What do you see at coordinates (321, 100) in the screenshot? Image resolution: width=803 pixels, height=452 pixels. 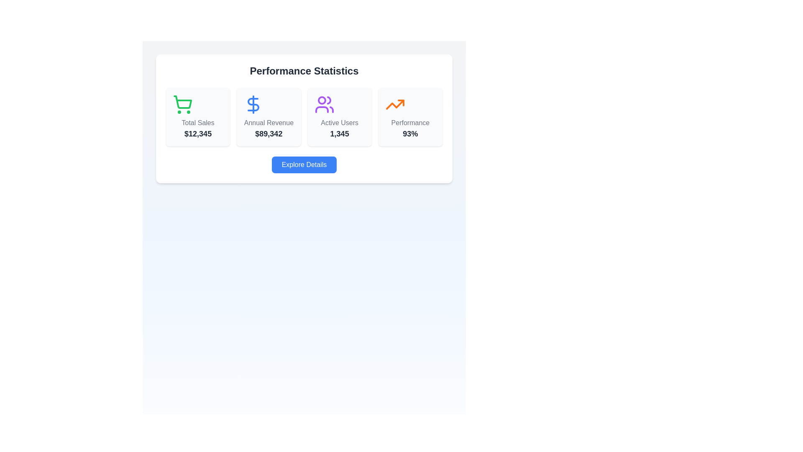 I see `the circular Icon graphic component within the 'Active Users' card in the statistics section` at bounding box center [321, 100].